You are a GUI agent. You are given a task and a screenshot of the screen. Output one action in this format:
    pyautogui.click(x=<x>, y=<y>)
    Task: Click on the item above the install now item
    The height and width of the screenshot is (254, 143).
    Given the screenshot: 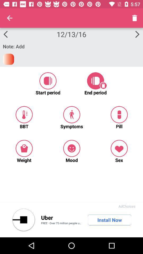 What is the action you would take?
    pyautogui.click(x=127, y=206)
    